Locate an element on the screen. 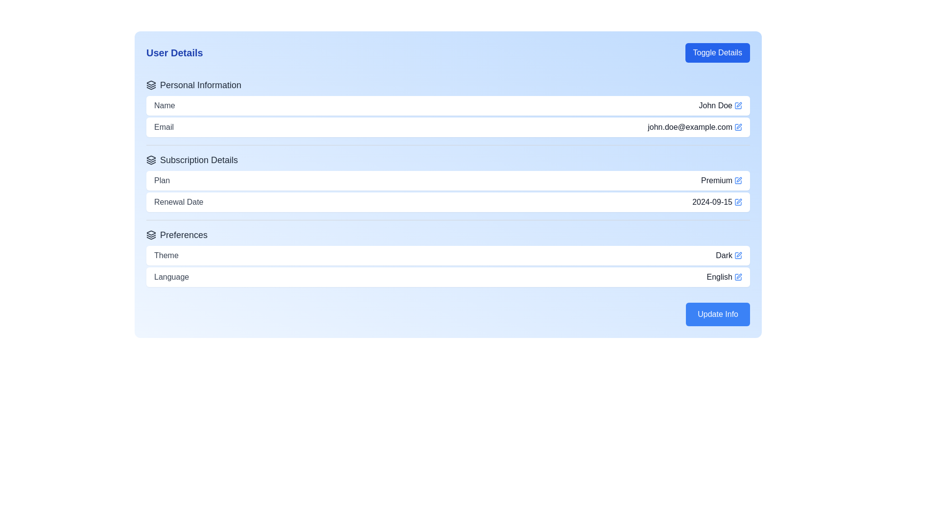 The height and width of the screenshot is (529, 940). the text label indicating 'Dark' mode selected in the 'Theme' section is located at coordinates (729, 255).